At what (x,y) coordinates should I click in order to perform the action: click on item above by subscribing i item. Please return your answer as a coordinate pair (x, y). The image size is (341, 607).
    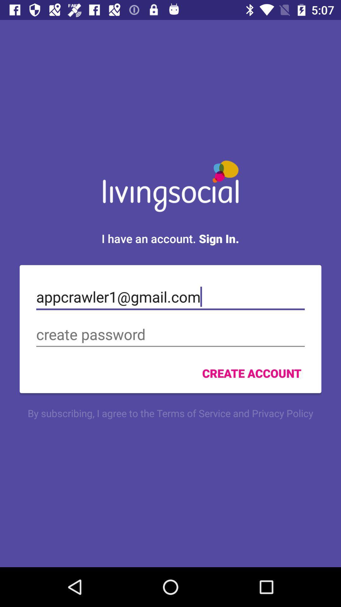
    Looking at the image, I should click on (251, 373).